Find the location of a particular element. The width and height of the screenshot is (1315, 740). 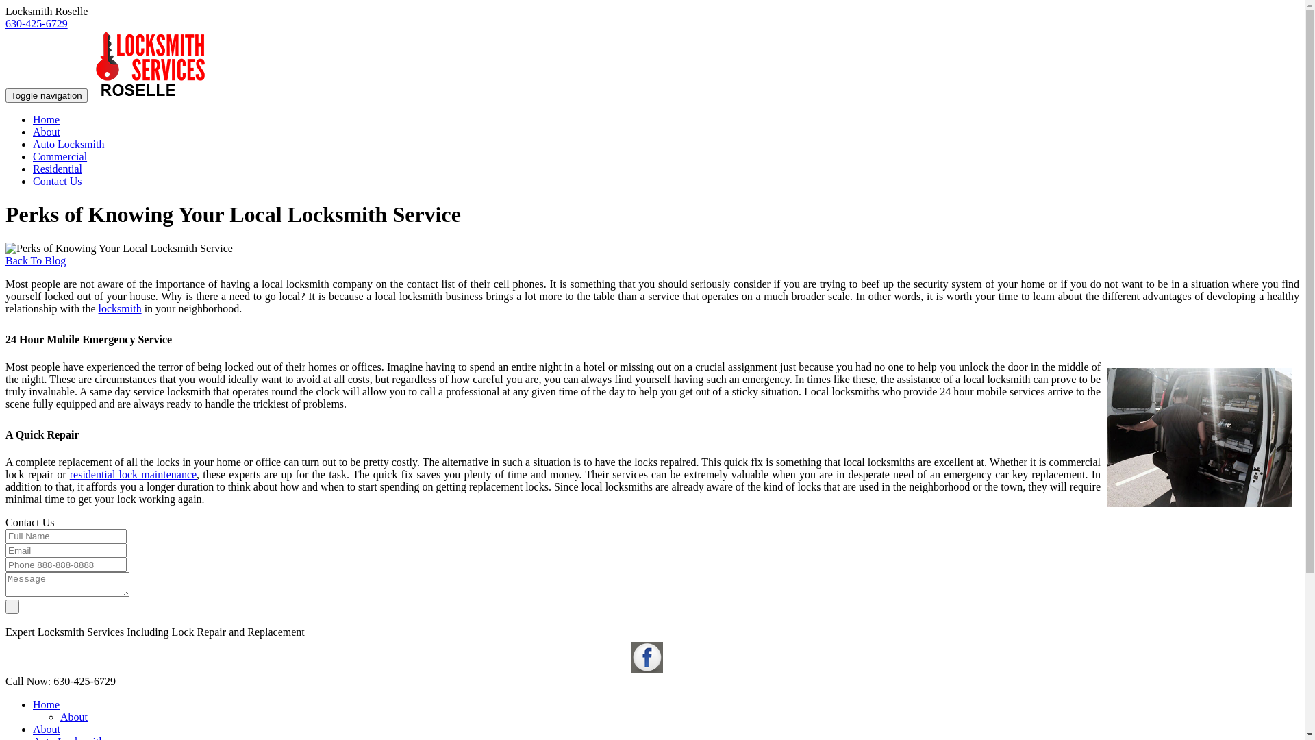

'Auto Locksmith' is located at coordinates (68, 144).